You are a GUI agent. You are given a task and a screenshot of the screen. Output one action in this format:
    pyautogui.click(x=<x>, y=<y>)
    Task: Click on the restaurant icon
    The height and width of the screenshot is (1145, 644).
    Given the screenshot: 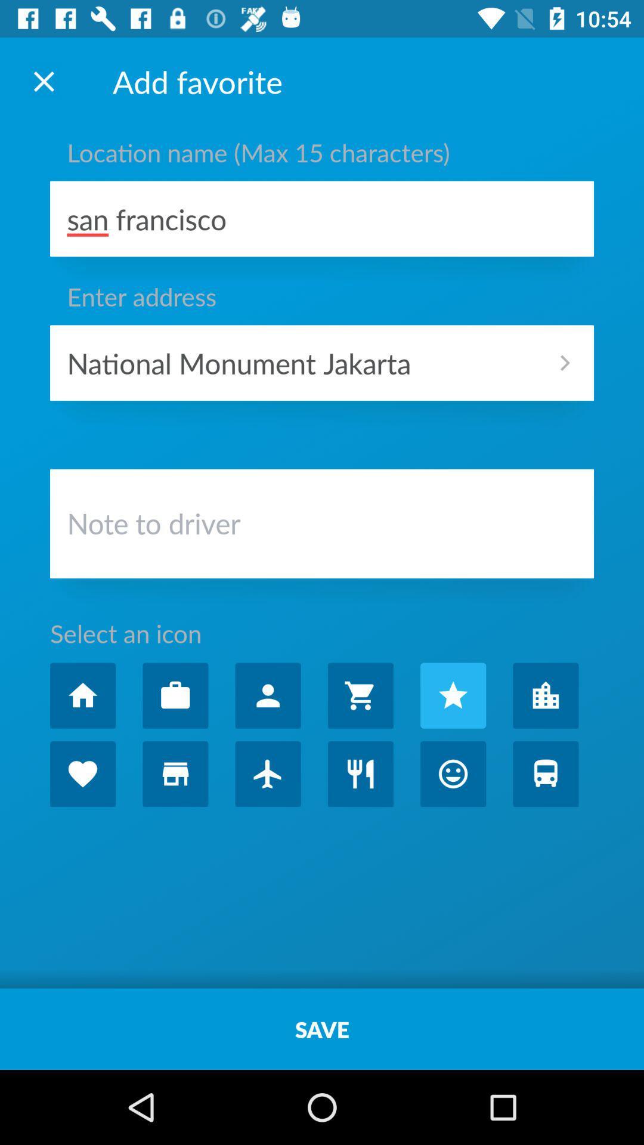 What is the action you would take?
    pyautogui.click(x=360, y=773)
    